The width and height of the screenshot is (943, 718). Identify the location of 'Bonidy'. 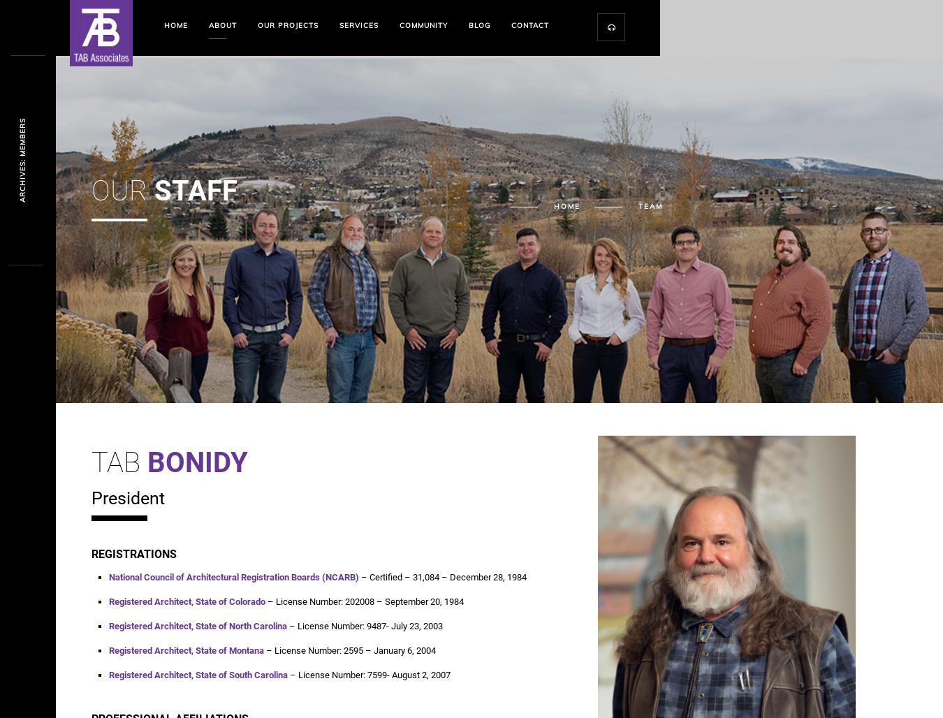
(196, 462).